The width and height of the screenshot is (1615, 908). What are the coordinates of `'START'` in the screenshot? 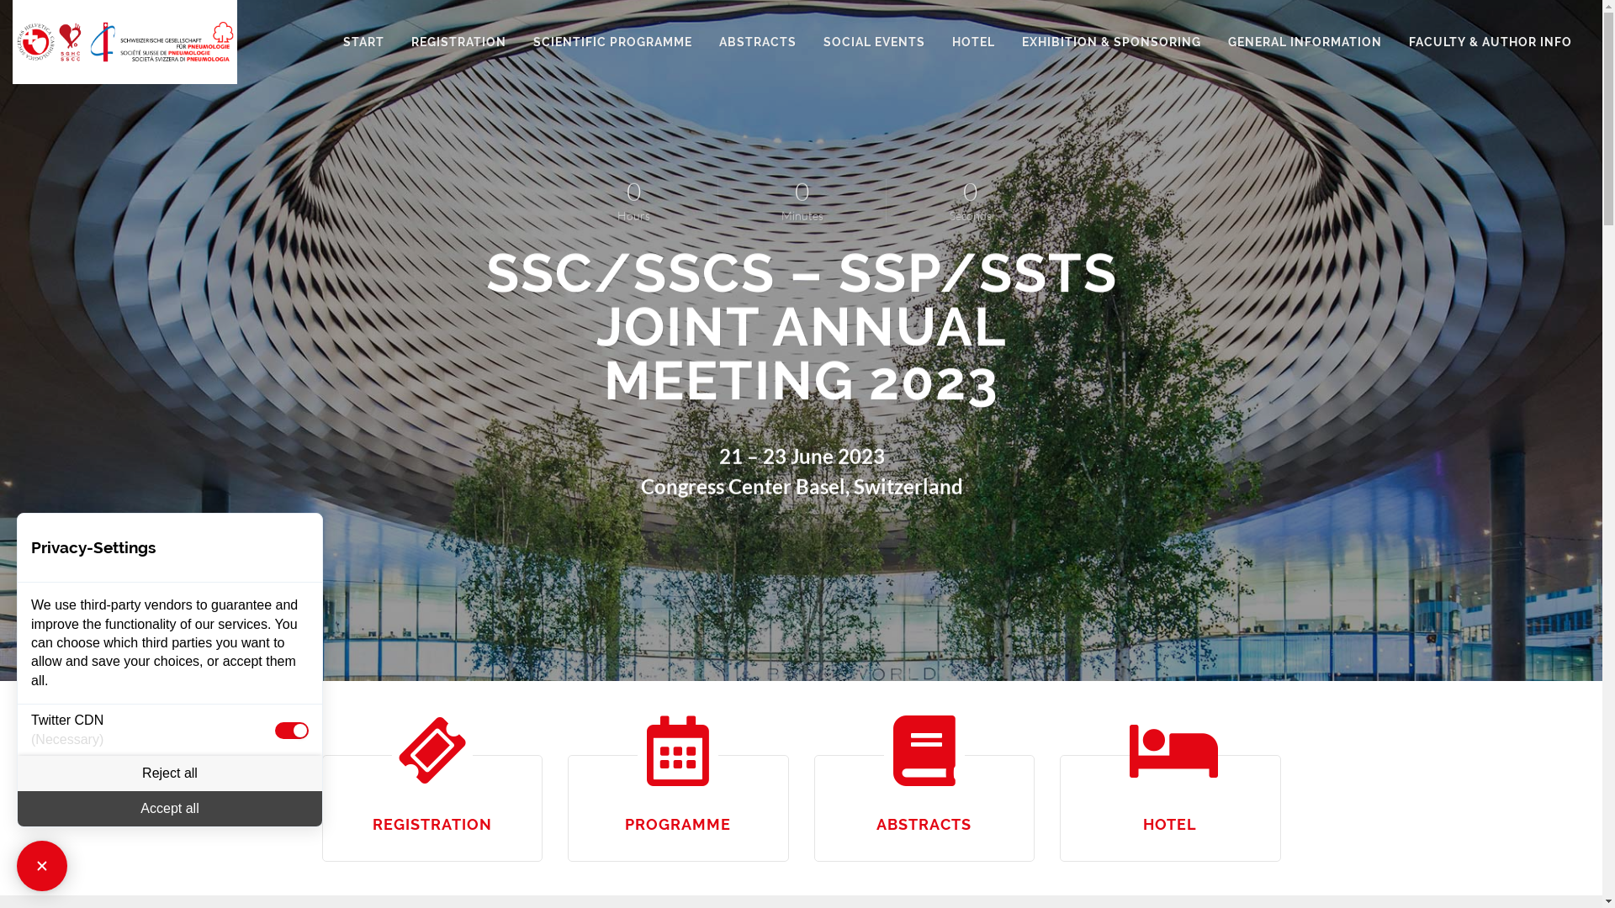 It's located at (363, 41).